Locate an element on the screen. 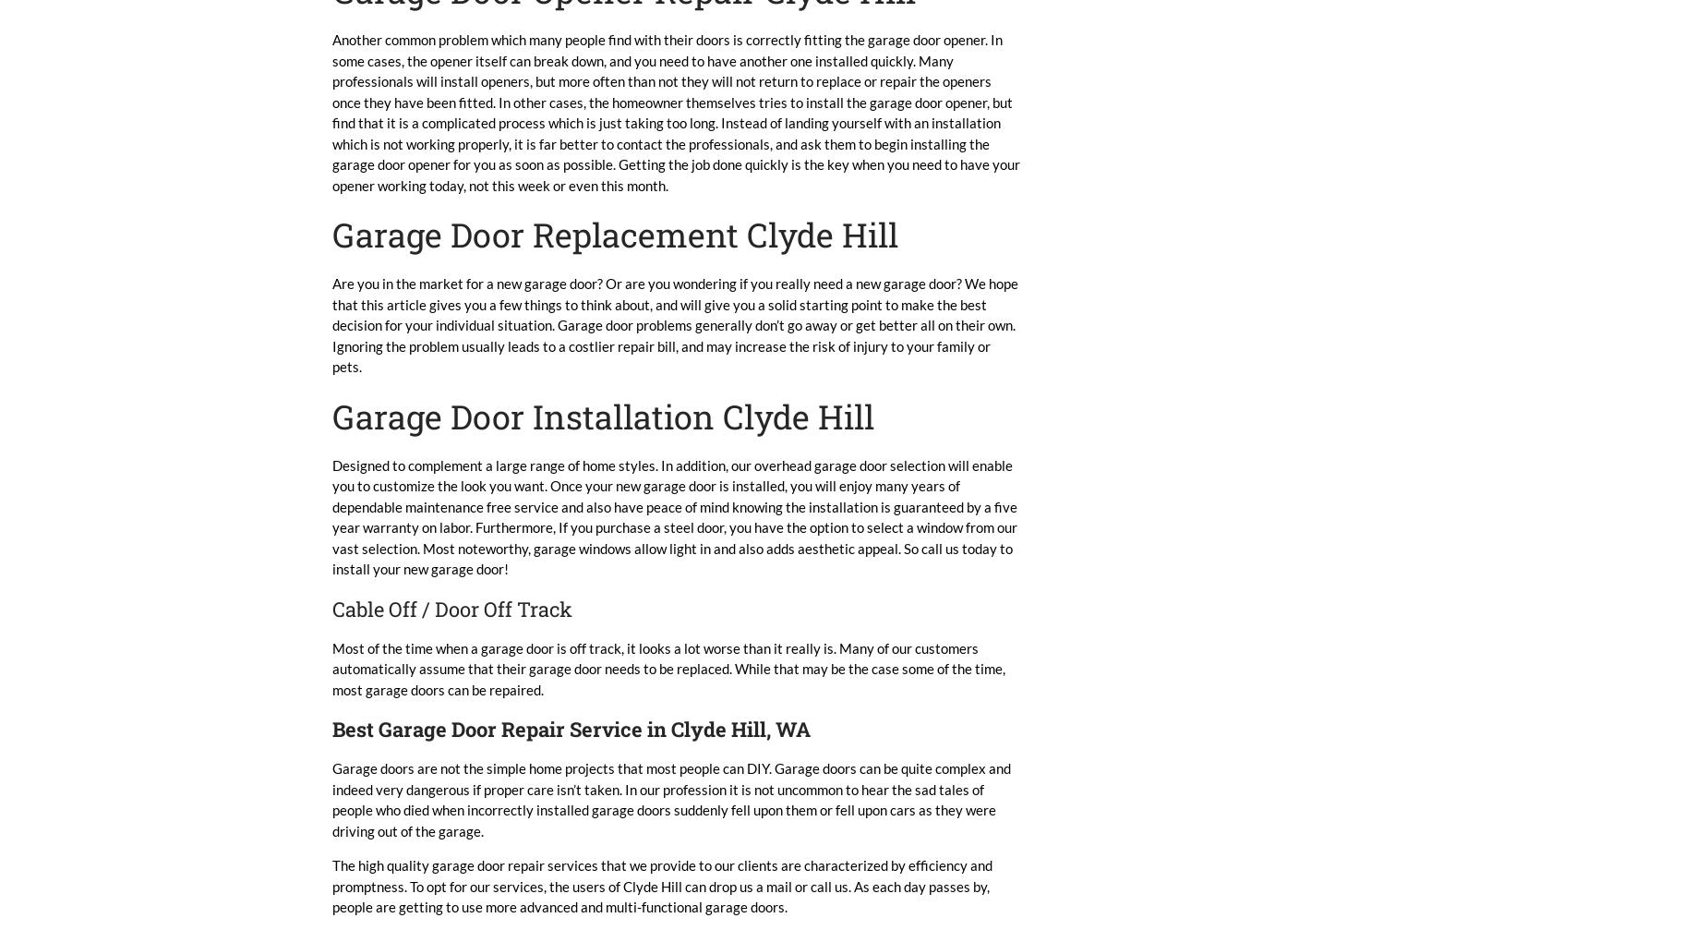  'The high quality garage door repair services that we provide to our clients are characterized by efficiency and promptness. To opt for our services, the users of Clyde Hill can drop us a mail or call us. As each day passes by, people are getting to use more advanced and multi-functional garage doors.' is located at coordinates (662, 885).